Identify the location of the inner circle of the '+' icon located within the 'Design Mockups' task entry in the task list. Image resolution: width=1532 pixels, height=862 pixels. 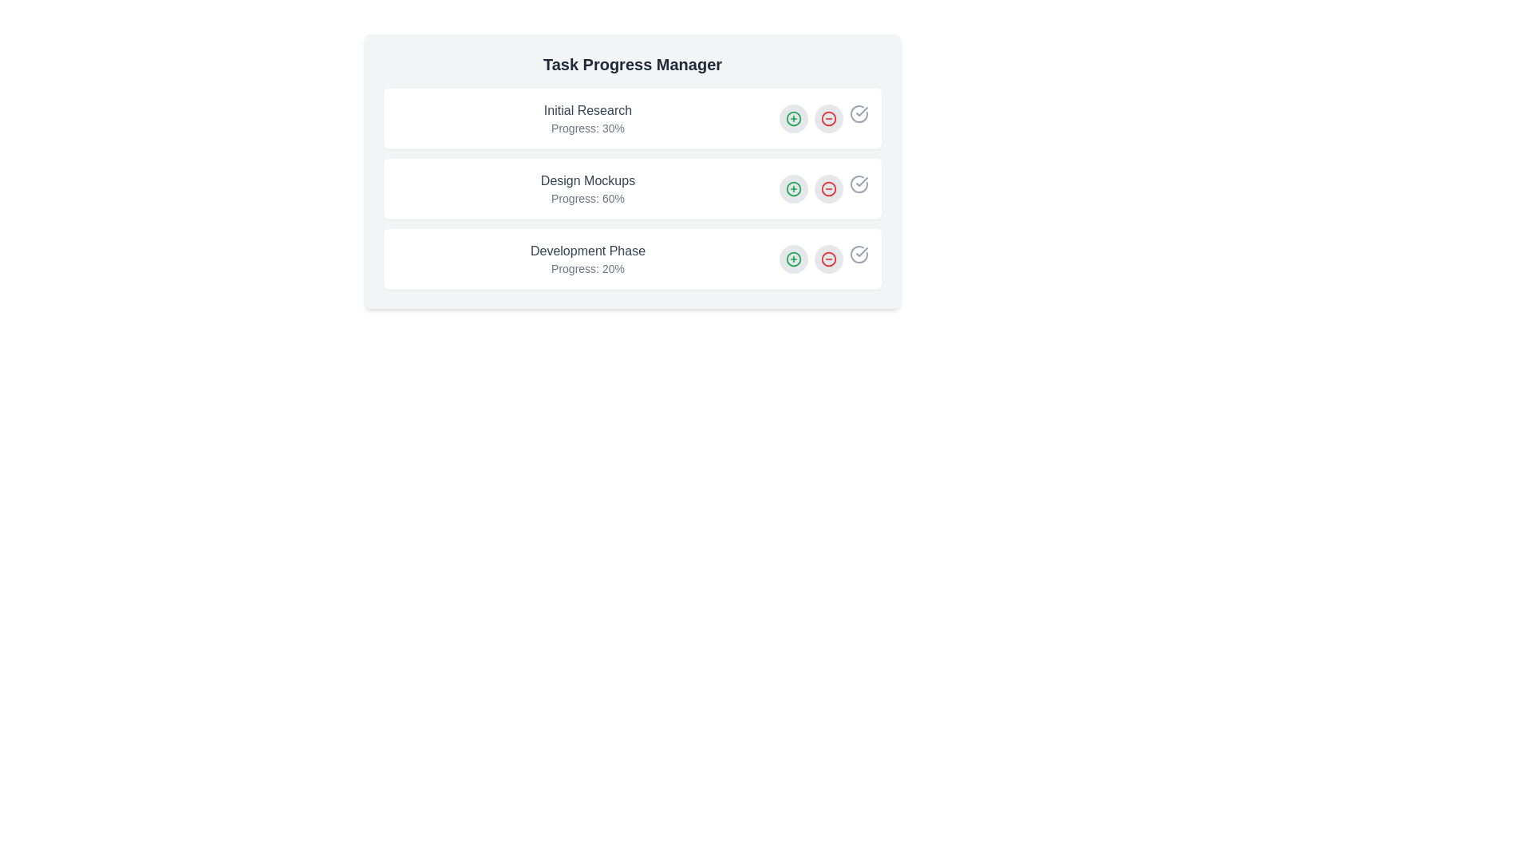
(793, 118).